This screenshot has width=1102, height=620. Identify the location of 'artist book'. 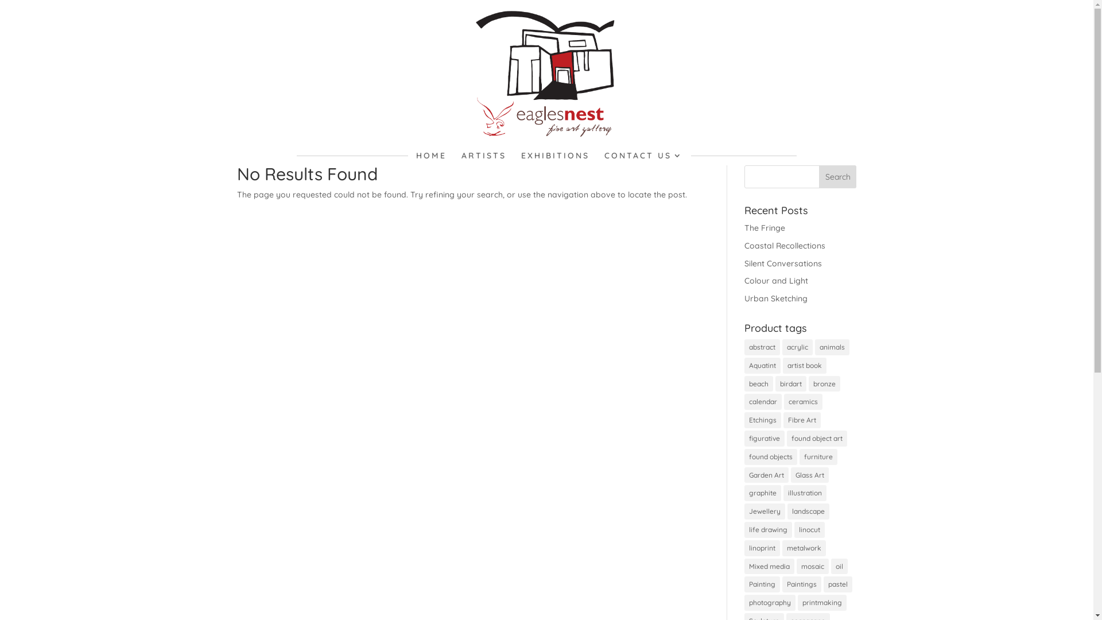
(804, 365).